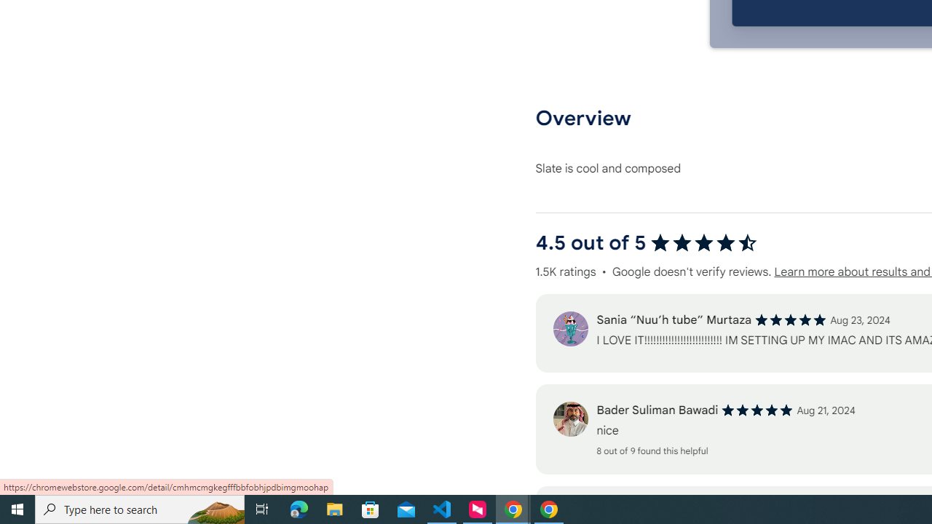 The width and height of the screenshot is (932, 524). I want to click on '4.5 out of 5 stars', so click(703, 242).